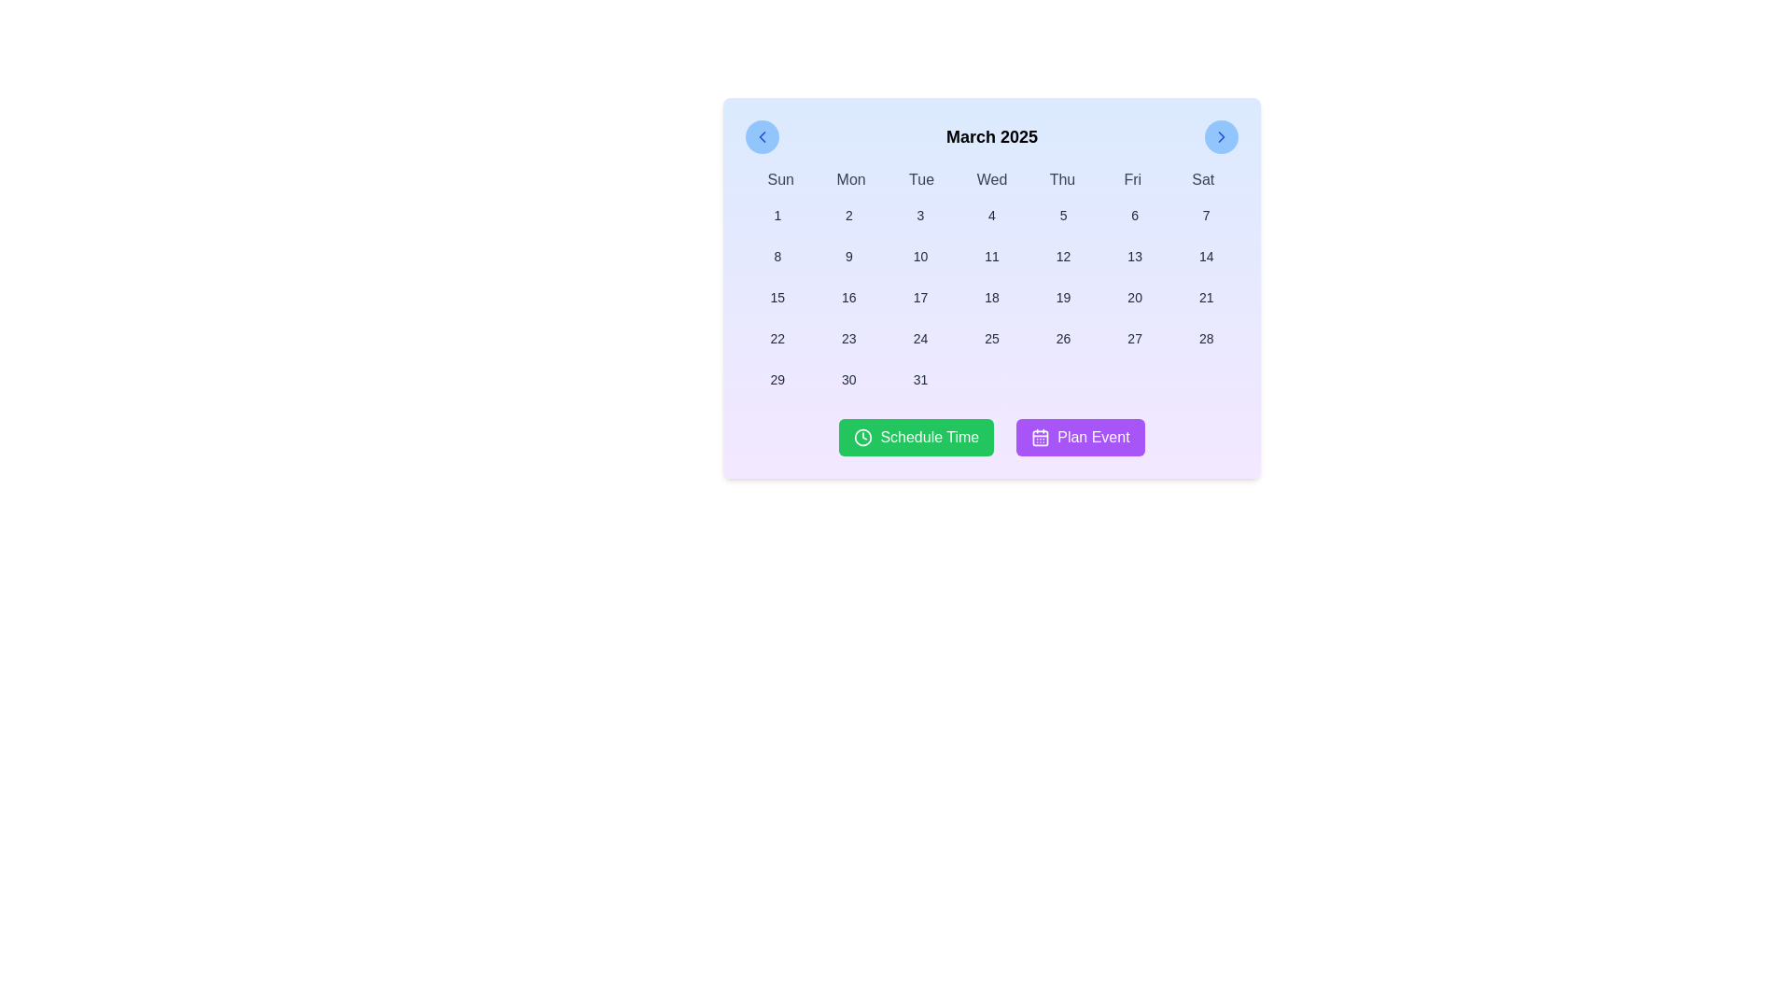 This screenshot has height=1008, width=1792. Describe the element at coordinates (1206, 338) in the screenshot. I see `the circular button displaying the number '28'` at that location.